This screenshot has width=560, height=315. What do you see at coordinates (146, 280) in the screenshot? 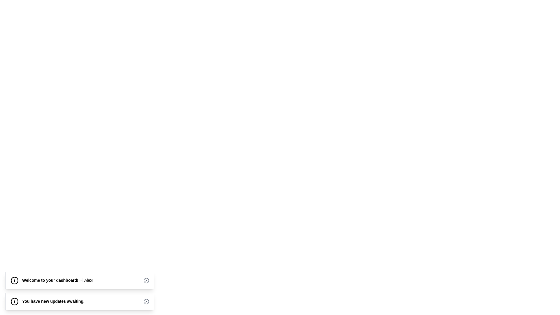
I see `the dismiss button located at the far right of the notification card containing the text 'Welcome to your dashboard! Hi Alex!' to possibly see a tooltip` at bounding box center [146, 280].